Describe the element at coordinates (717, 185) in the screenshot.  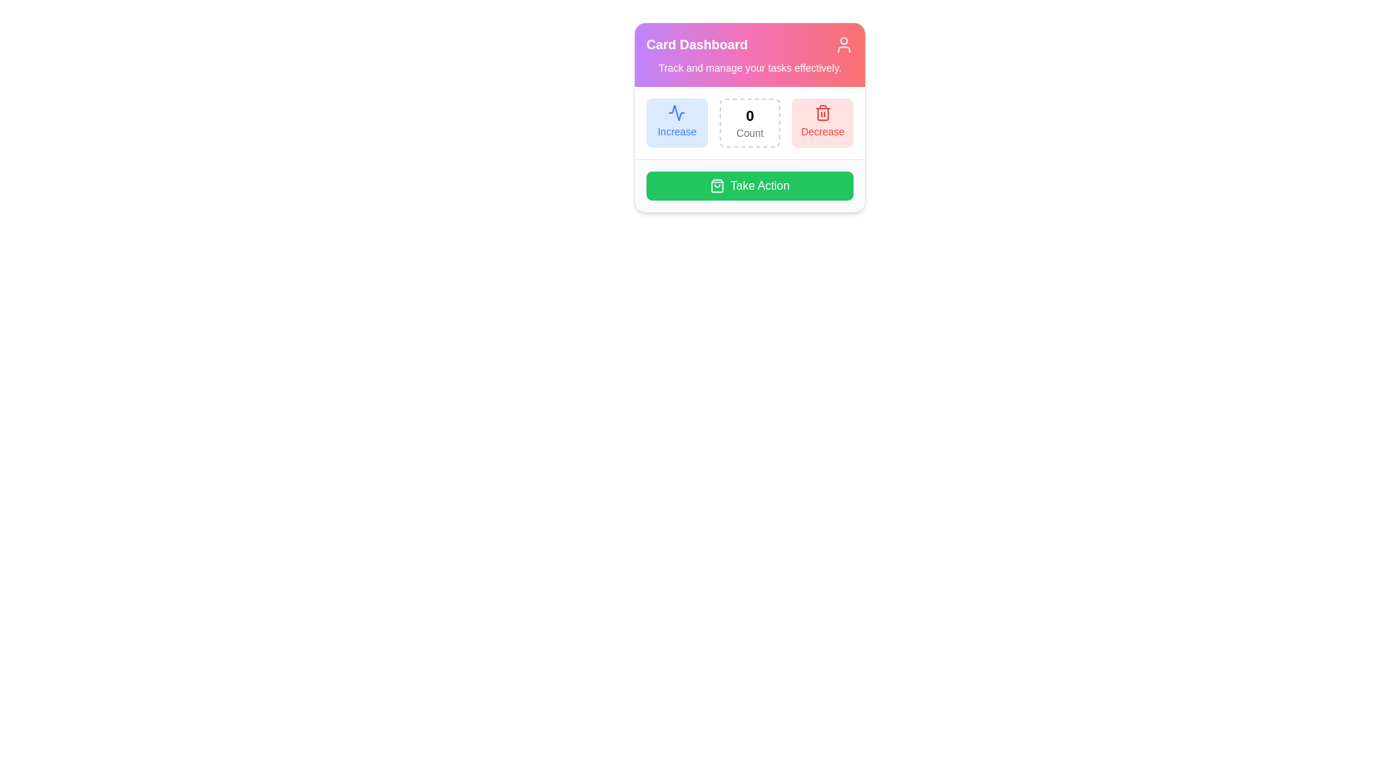
I see `the shopping icon located towards the left inside the green 'Take Action' button` at that location.